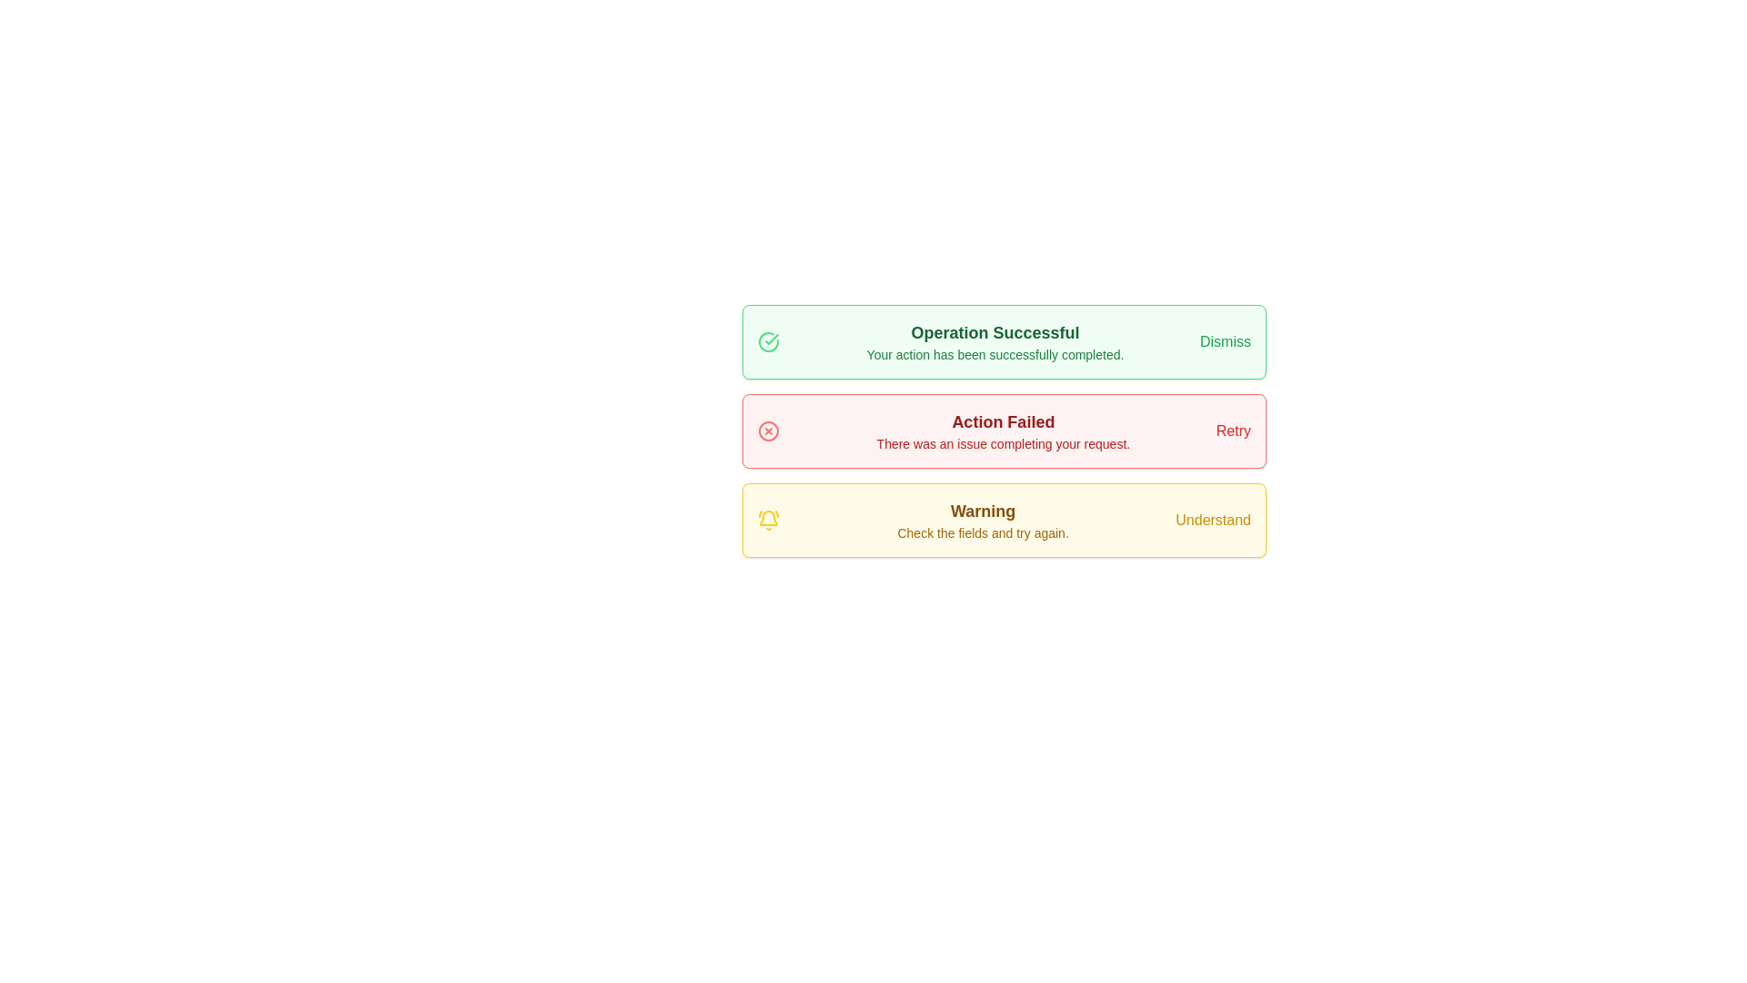  What do you see at coordinates (982, 512) in the screenshot?
I see `the 'Warning' text label, which is displayed in a bold, large yellowish-brown font within a yellow notification box` at bounding box center [982, 512].